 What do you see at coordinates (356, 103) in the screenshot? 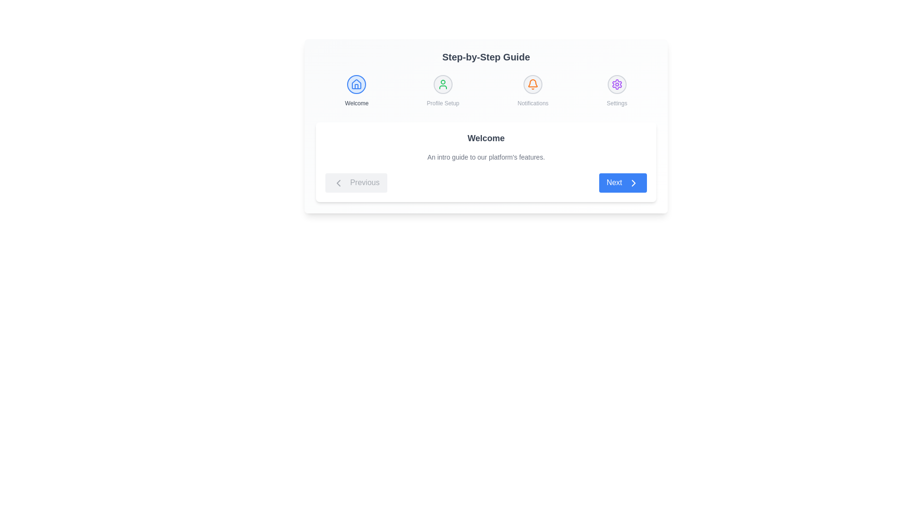
I see `the text label displaying the word 'Welcome', which is positioned below the home icon in a step-based navigation interface` at bounding box center [356, 103].